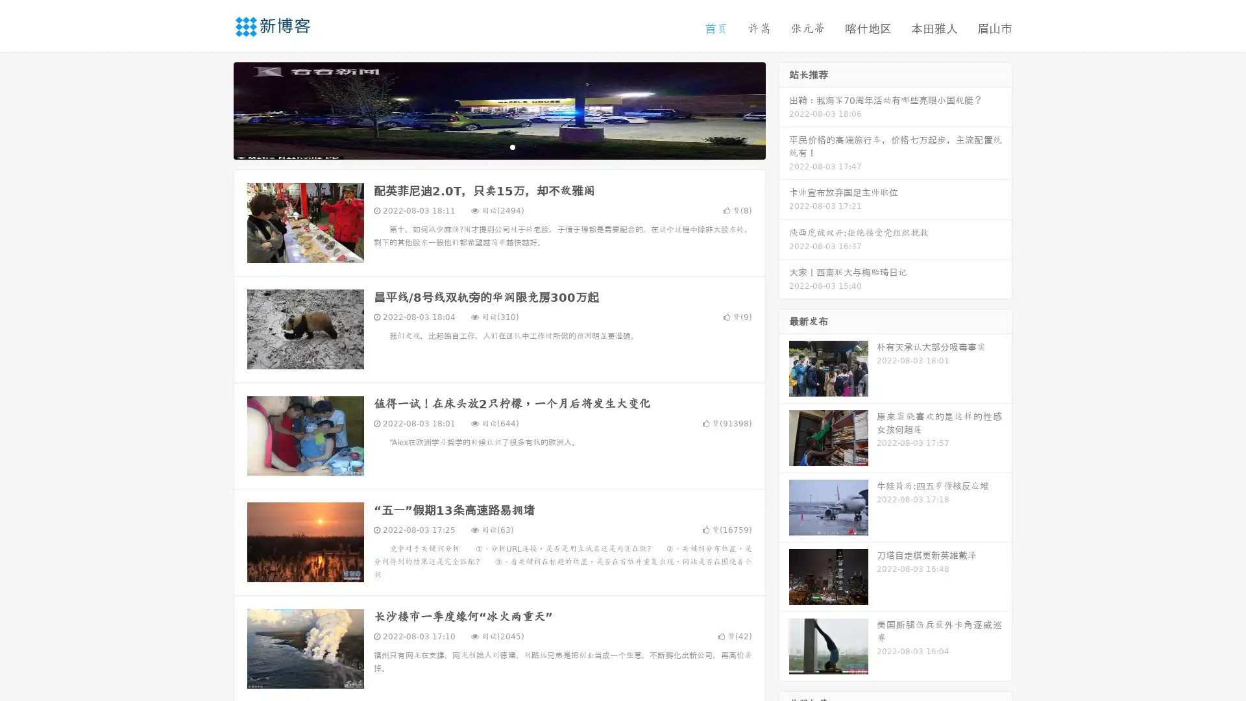 This screenshot has height=701, width=1246. I want to click on Previous slide, so click(214, 109).